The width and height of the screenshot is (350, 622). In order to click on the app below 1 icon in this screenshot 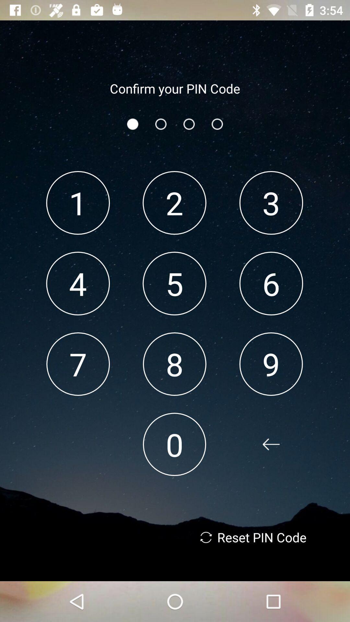, I will do `click(77, 283)`.